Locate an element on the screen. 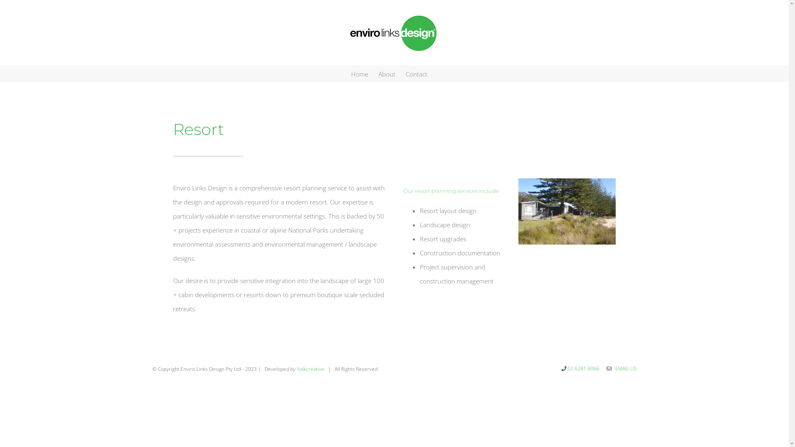 The height and width of the screenshot is (447, 795). '  EMAIL US' is located at coordinates (624, 368).